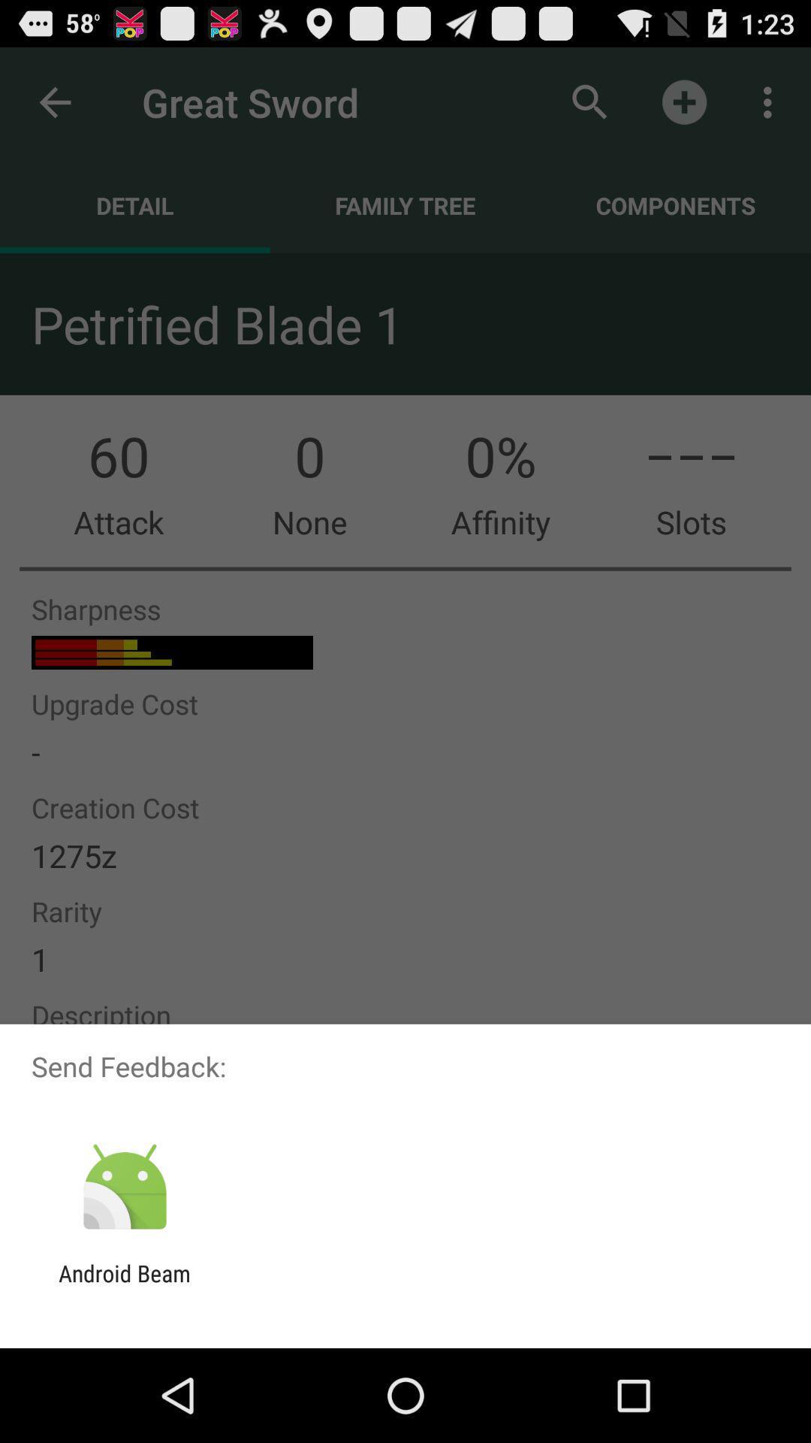 The image size is (811, 1443). What do you see at coordinates (124, 1286) in the screenshot?
I see `android beam icon` at bounding box center [124, 1286].